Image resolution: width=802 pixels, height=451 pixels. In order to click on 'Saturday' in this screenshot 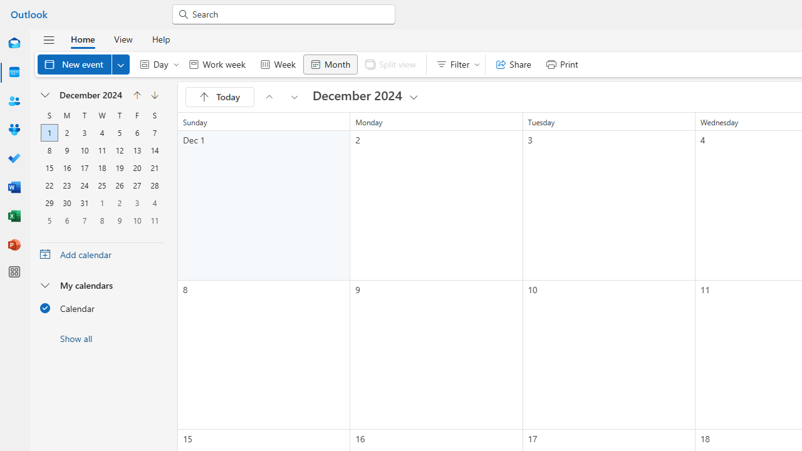, I will do `click(154, 115)`.